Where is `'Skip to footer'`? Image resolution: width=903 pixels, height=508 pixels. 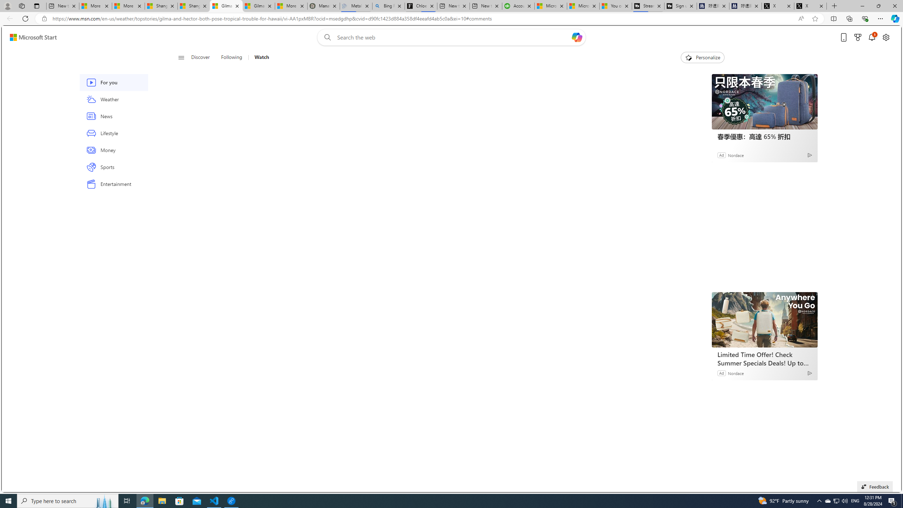
'Skip to footer' is located at coordinates (29, 37).